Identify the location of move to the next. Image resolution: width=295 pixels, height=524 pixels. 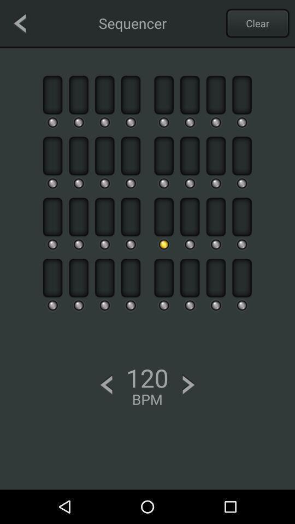
(188, 385).